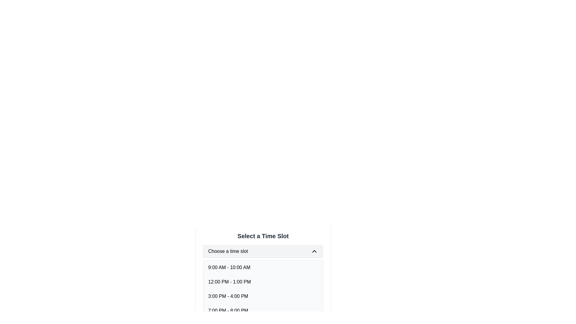 The image size is (576, 324). What do you see at coordinates (228, 310) in the screenshot?
I see `the list item displaying the time range '7:00 PM - 8:00 PM' within the dropdown menu titled 'Select a Time Slot'` at bounding box center [228, 310].